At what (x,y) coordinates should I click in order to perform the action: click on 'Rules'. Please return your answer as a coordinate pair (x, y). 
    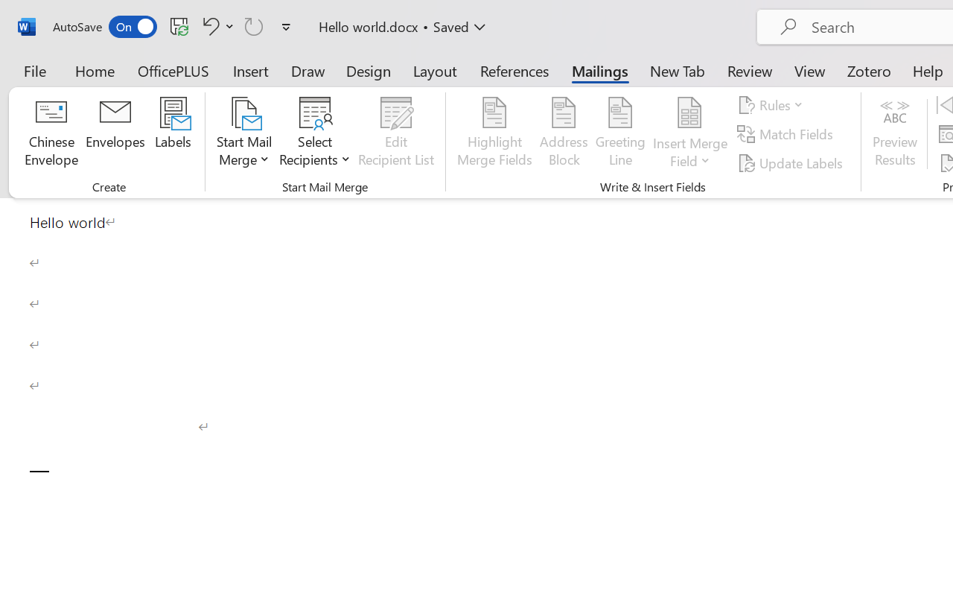
    Looking at the image, I should click on (773, 105).